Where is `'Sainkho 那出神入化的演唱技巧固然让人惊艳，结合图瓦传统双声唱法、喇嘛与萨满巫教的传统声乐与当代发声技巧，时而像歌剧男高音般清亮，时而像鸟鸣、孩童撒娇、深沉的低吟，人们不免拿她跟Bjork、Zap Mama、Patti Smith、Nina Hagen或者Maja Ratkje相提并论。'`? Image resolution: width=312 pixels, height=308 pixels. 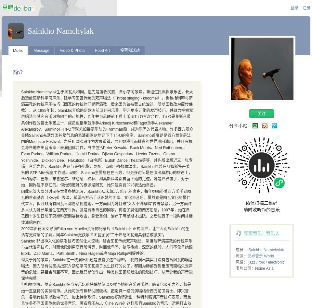 'Sainkho 那出神入化的演唱技巧固然让人惊艳，结合图瓦传统双声唱法、喇嘛与萨满巫教的传统声乐与当代发声技巧，时而像歌剧男高音般清亮，时而像鸟鸣、孩童撒娇、深沉的低吟，人们不免拿她跟Bjork、Zap Mama、Patti Smith、Nina Hagen或者Maja Ratkje相提并论。' is located at coordinates (107, 247).